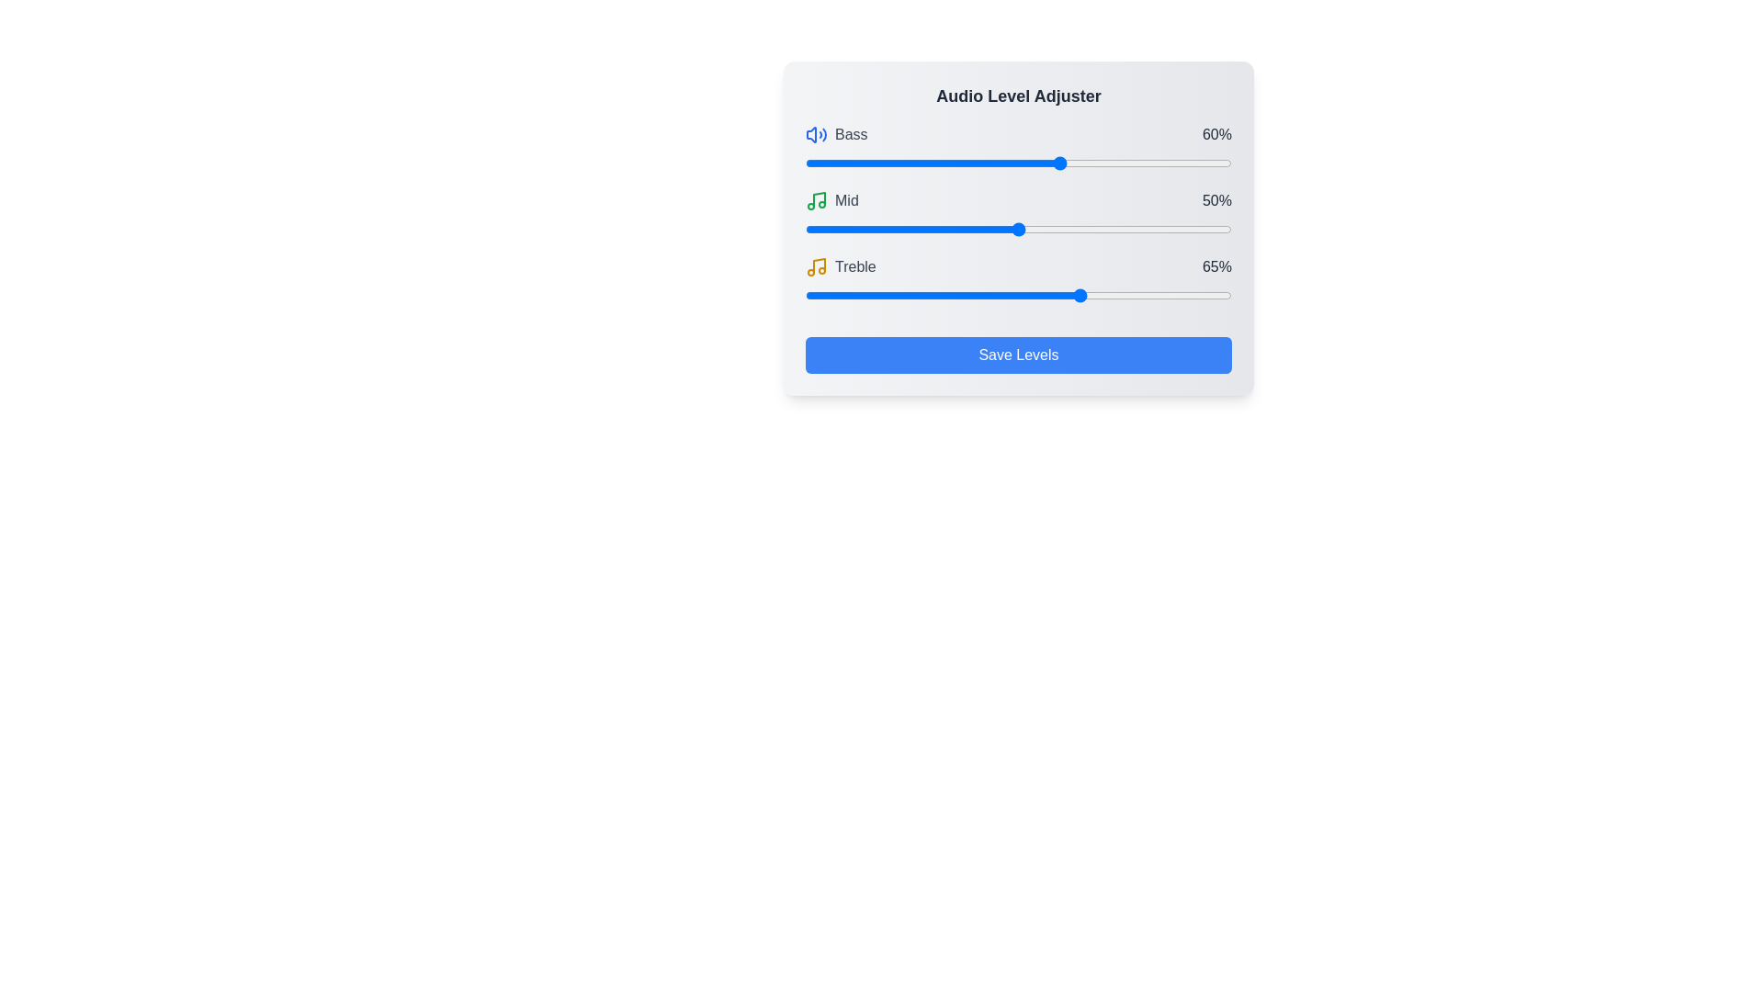 The height and width of the screenshot is (992, 1764). What do you see at coordinates (1017, 294) in the screenshot?
I see `the third horizontal slider control located below the 'Bass 60%' and 'Mid 50%' labels, which features a blue filled portion and a circular thumb slider` at bounding box center [1017, 294].